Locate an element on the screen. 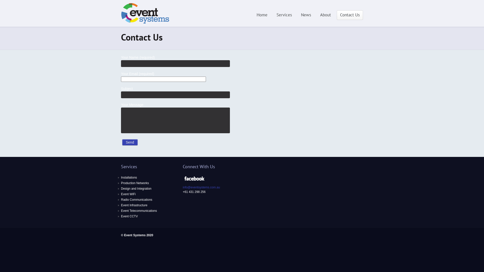 The height and width of the screenshot is (272, 484). 'info@eventsystems.com.au' is located at coordinates (201, 187).